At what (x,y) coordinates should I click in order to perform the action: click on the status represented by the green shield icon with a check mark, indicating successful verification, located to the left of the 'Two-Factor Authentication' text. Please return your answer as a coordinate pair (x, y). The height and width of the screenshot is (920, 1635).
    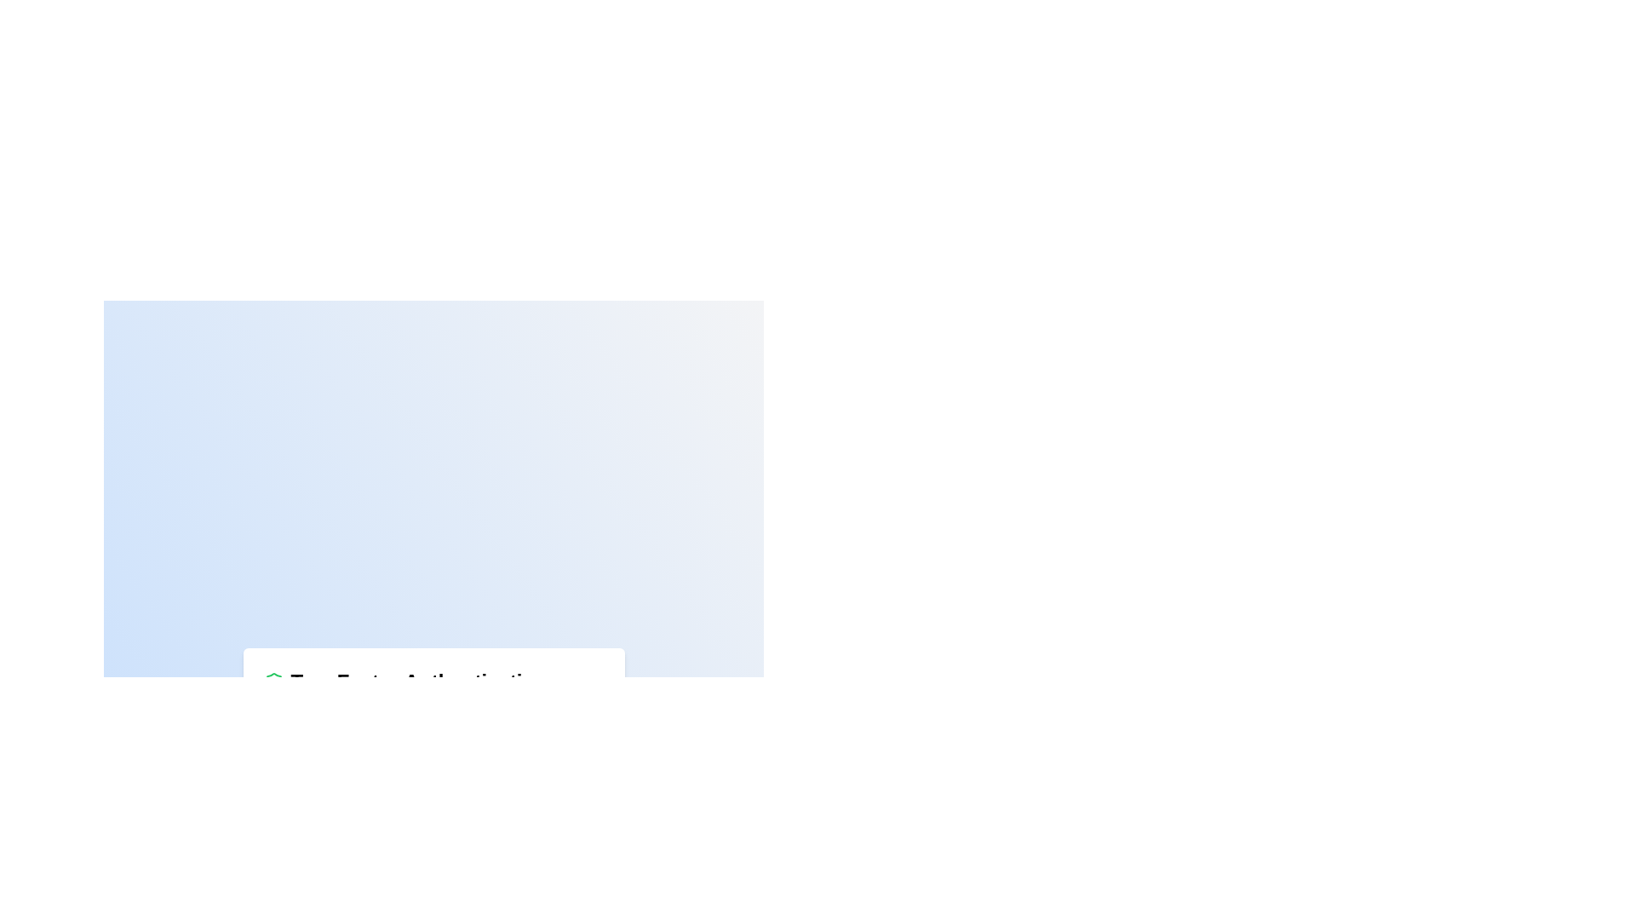
    Looking at the image, I should click on (273, 681).